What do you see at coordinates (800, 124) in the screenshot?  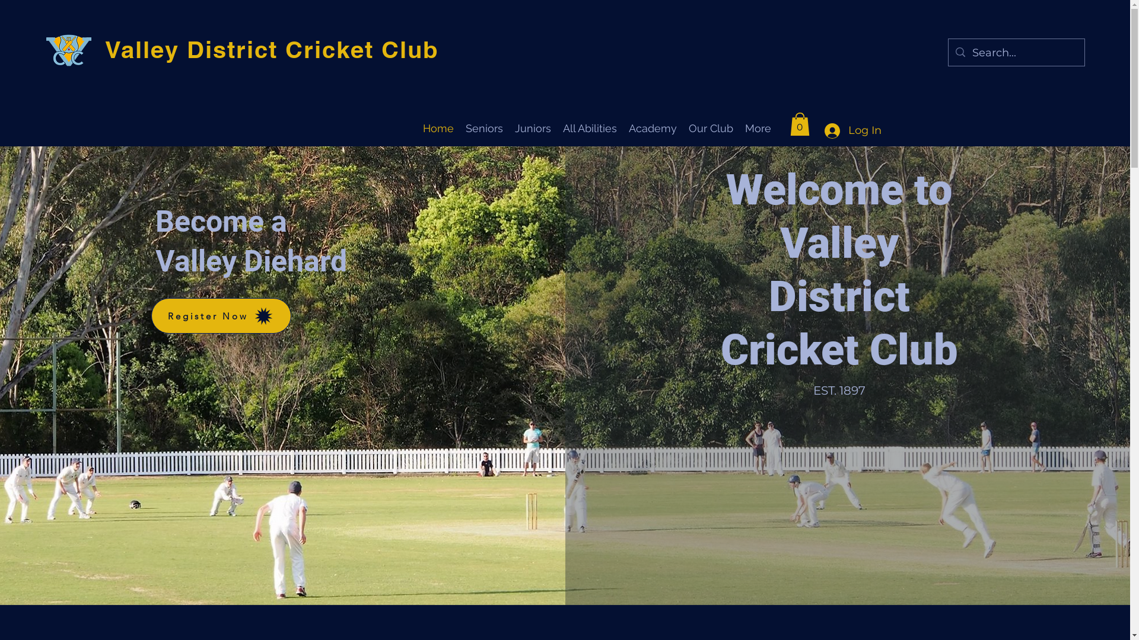 I see `'0'` at bounding box center [800, 124].